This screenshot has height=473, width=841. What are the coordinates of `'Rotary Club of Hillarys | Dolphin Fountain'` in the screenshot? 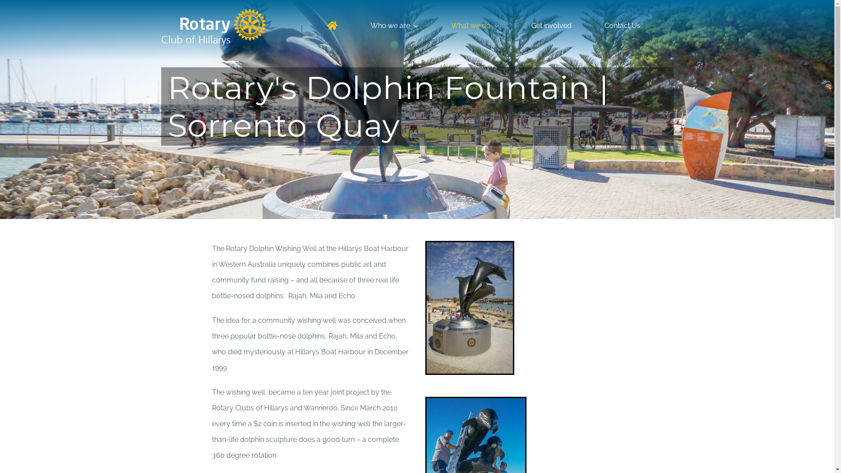 It's located at (469, 307).